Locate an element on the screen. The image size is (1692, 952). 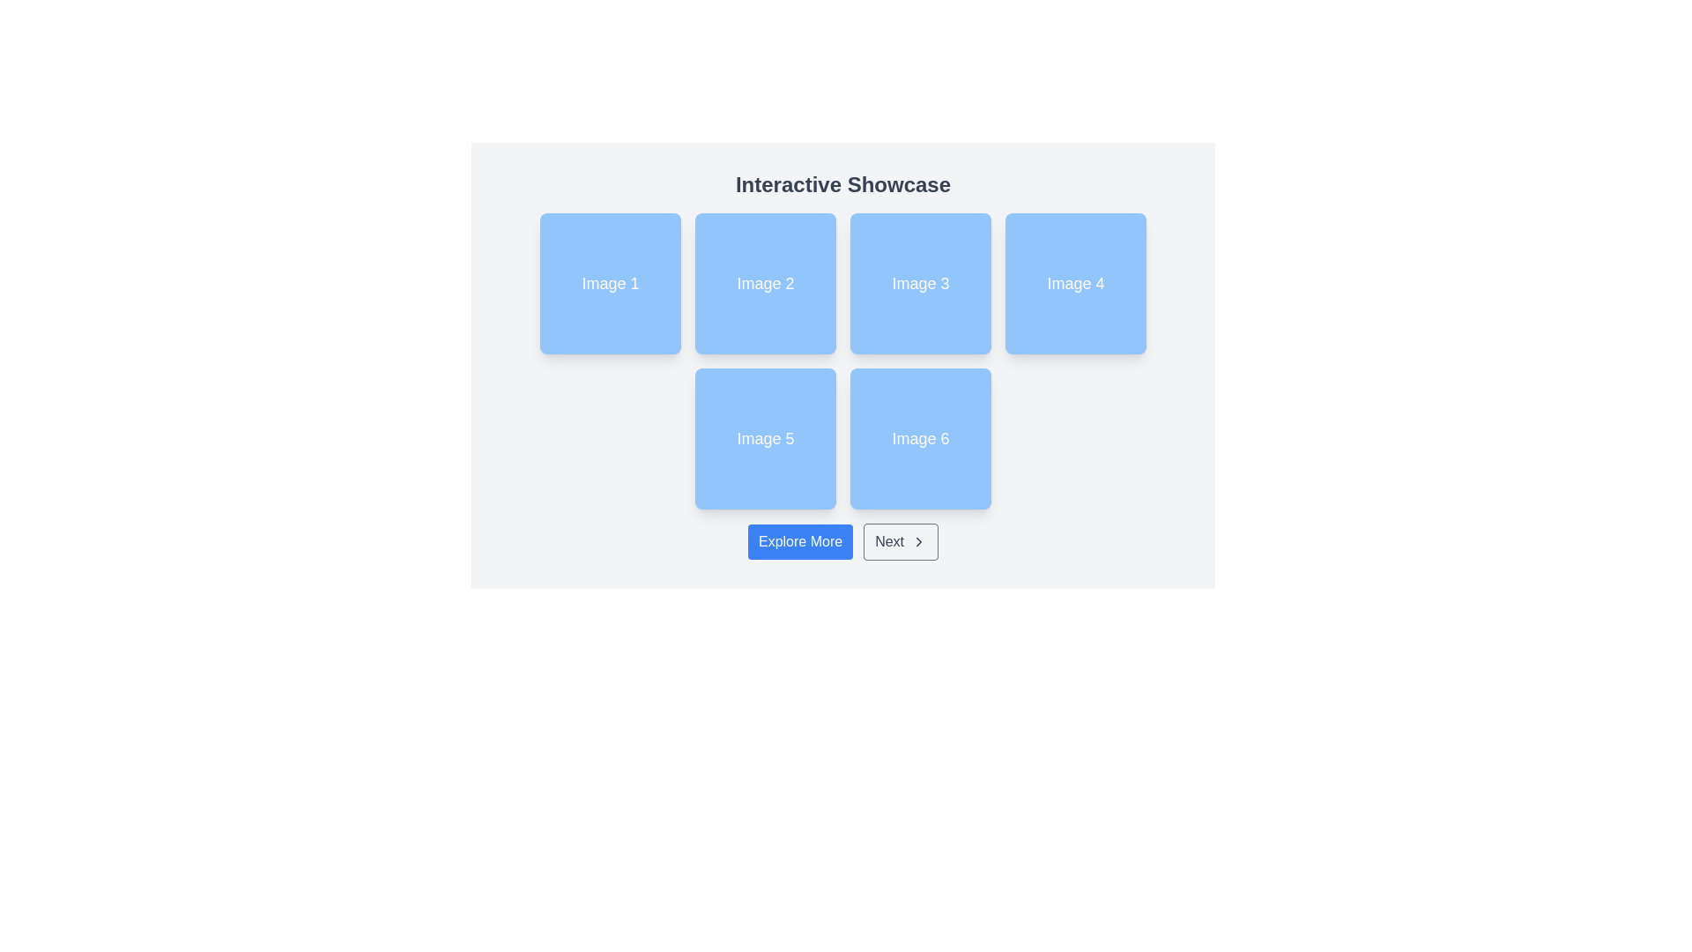
the navigational button located to the left of the 'Next' button, below the grid of images labeled 'Image 1' through 'Image 6' is located at coordinates (799, 540).